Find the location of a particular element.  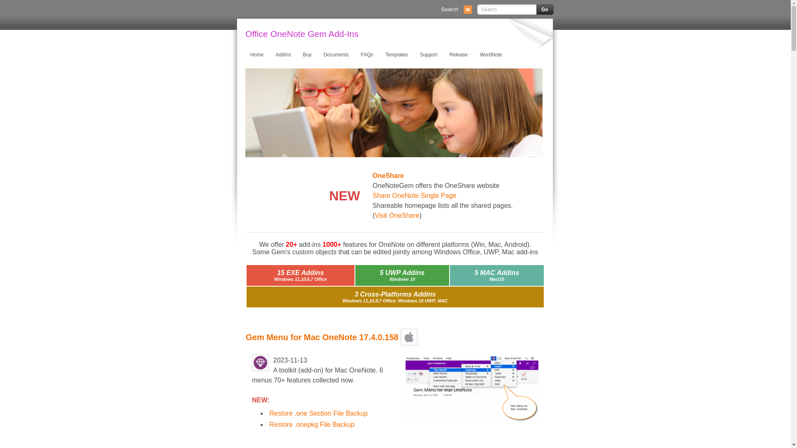

'WordNote' is located at coordinates (490, 54).